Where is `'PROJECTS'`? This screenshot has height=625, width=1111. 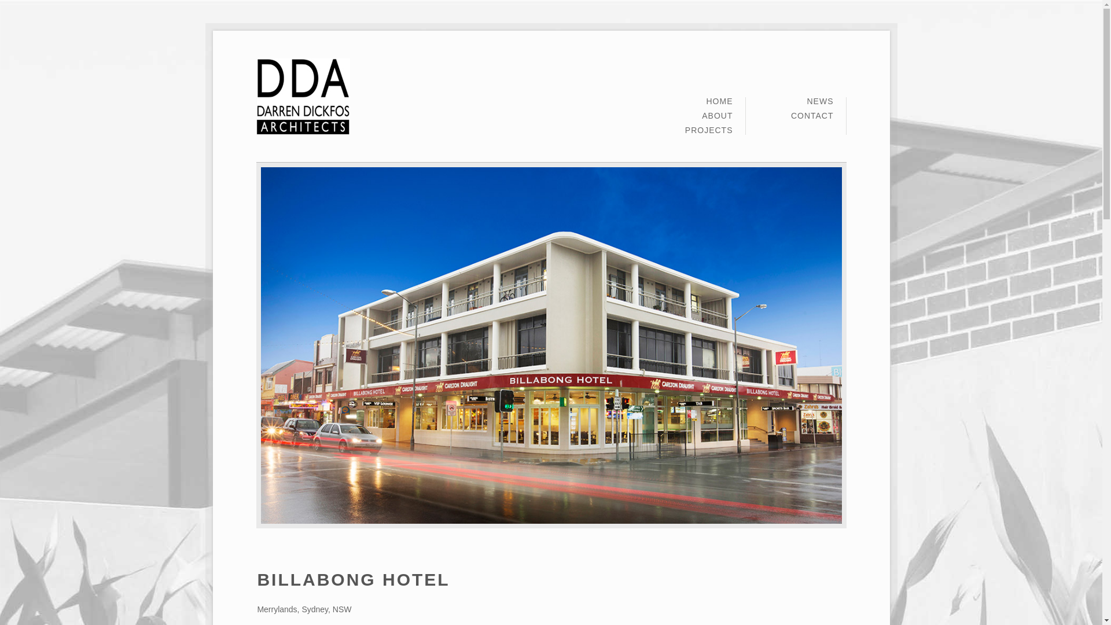 'PROJECTS' is located at coordinates (708, 130).